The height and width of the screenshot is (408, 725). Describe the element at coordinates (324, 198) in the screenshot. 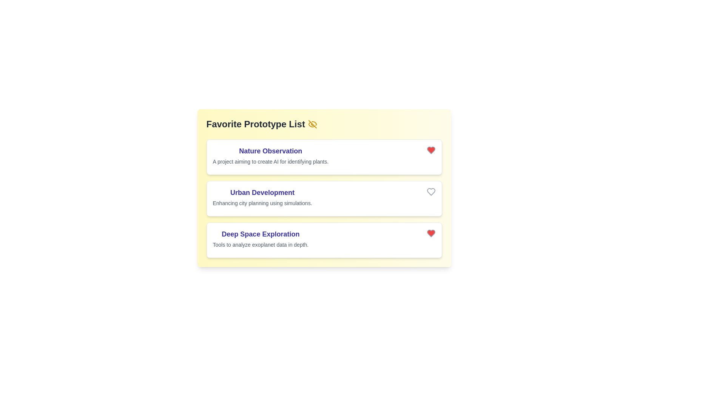

I see `the list item corresponding to Urban Development` at that location.